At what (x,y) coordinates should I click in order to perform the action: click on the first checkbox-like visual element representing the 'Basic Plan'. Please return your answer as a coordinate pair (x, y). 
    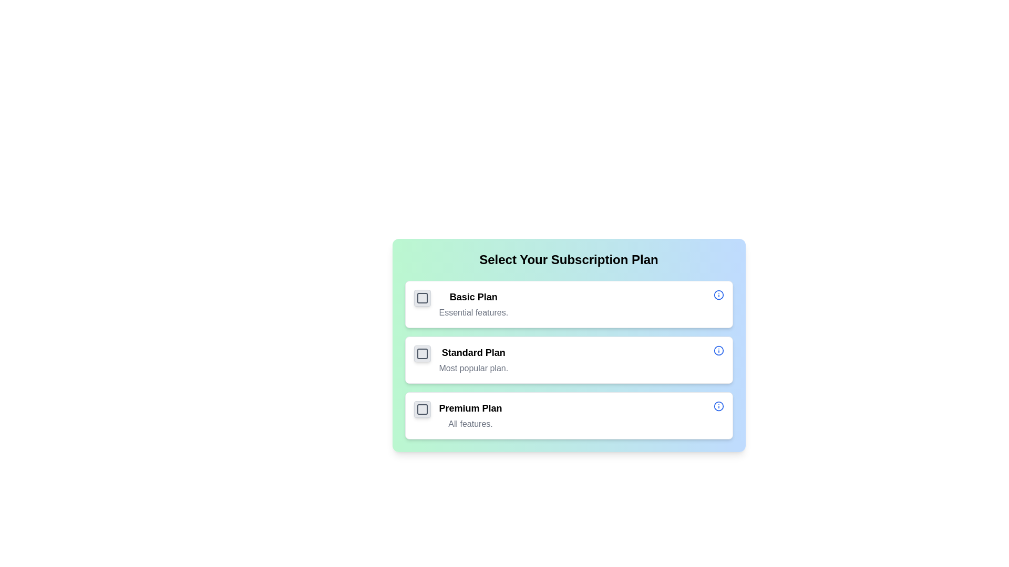
    Looking at the image, I should click on (422, 298).